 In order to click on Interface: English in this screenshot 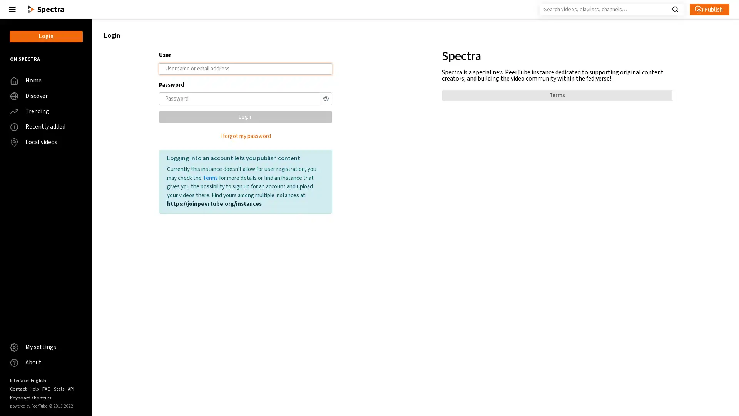, I will do `click(28, 380)`.